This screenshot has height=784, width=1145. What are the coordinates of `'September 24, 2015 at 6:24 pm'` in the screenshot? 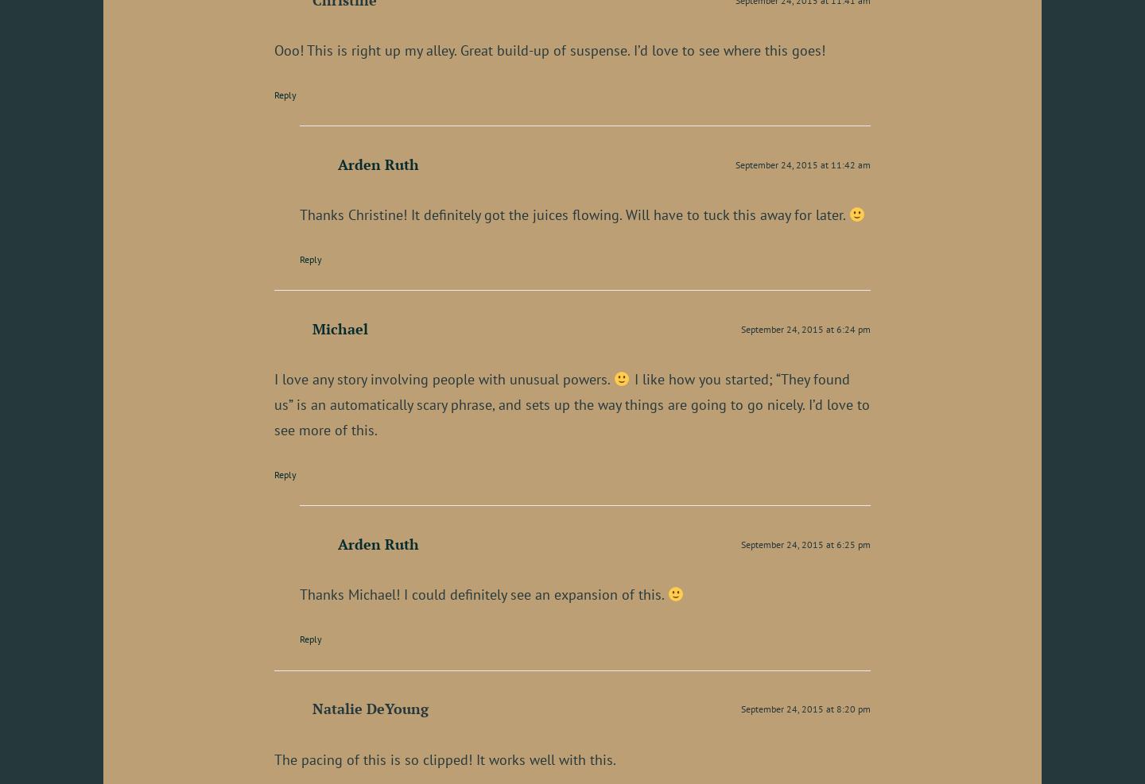 It's located at (805, 329).